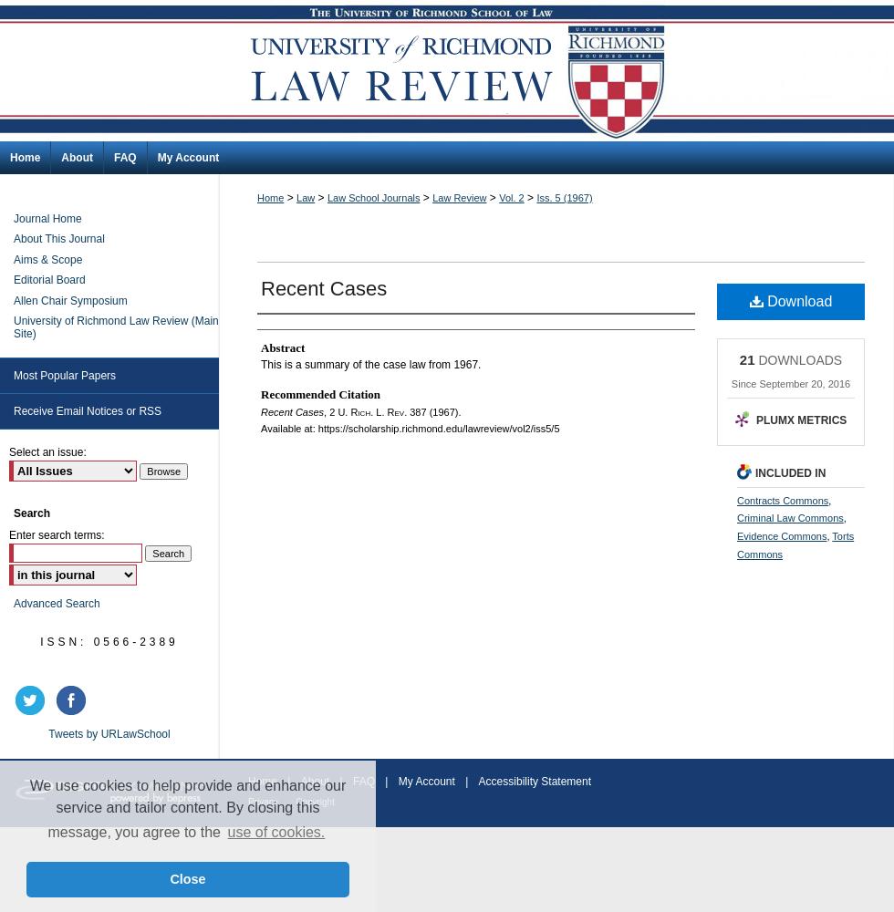 This screenshot has height=912, width=894. I want to click on 'University of Richmond Law Review (Main Site)', so click(116, 326).